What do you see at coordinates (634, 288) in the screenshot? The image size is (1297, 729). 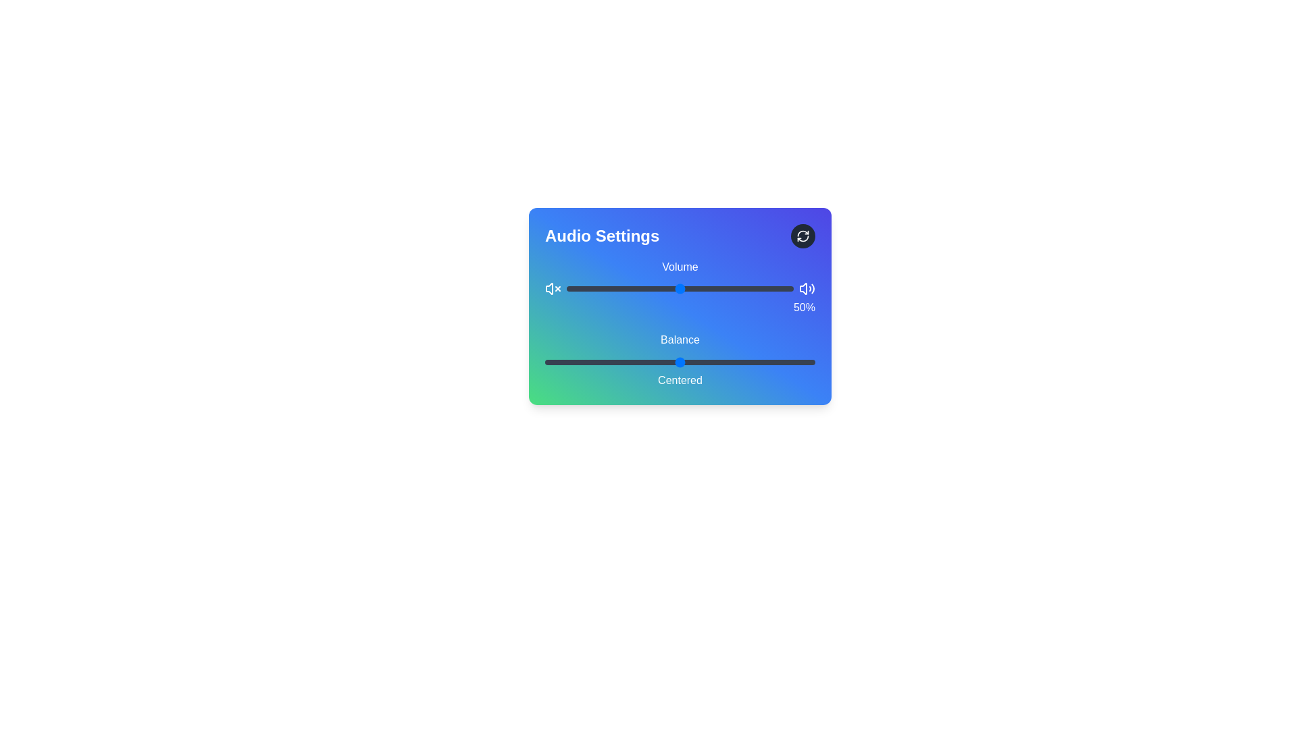 I see `the volume` at bounding box center [634, 288].